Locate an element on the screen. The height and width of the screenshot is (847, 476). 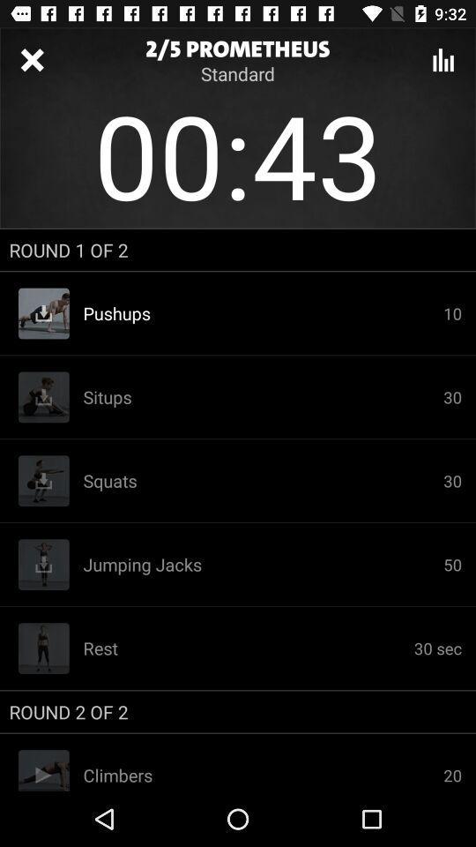
the icon to the left of 30 is located at coordinates (262, 564).